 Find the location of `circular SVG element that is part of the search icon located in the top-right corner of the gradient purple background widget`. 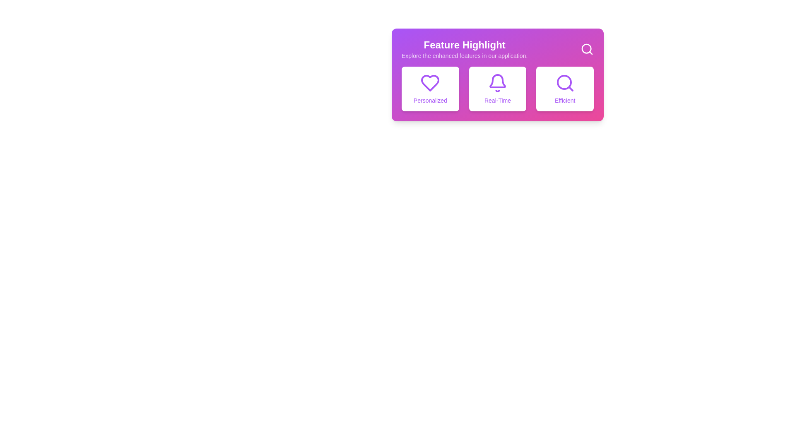

circular SVG element that is part of the search icon located in the top-right corner of the gradient purple background widget is located at coordinates (586, 48).